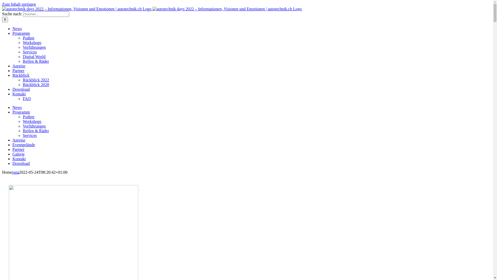 The image size is (497, 280). I want to click on 'Podien', so click(28, 117).